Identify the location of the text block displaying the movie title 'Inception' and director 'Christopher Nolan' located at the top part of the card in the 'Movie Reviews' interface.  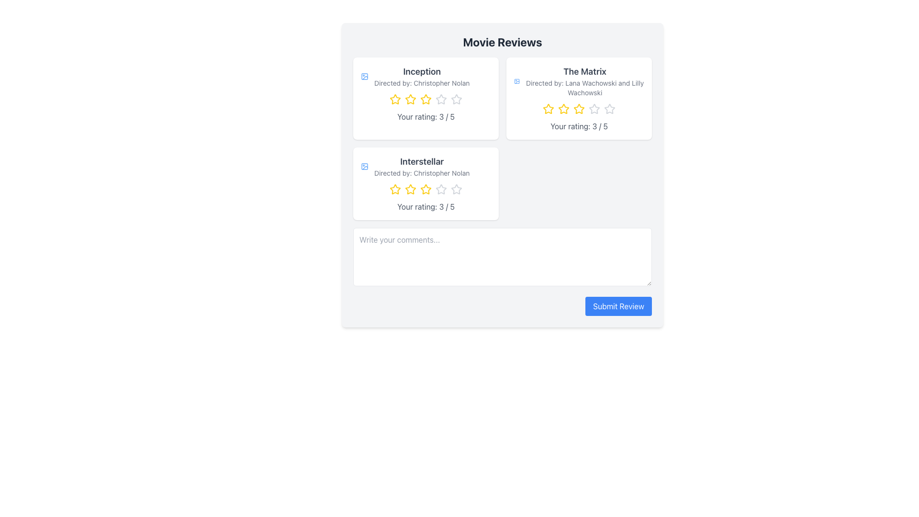
(425, 76).